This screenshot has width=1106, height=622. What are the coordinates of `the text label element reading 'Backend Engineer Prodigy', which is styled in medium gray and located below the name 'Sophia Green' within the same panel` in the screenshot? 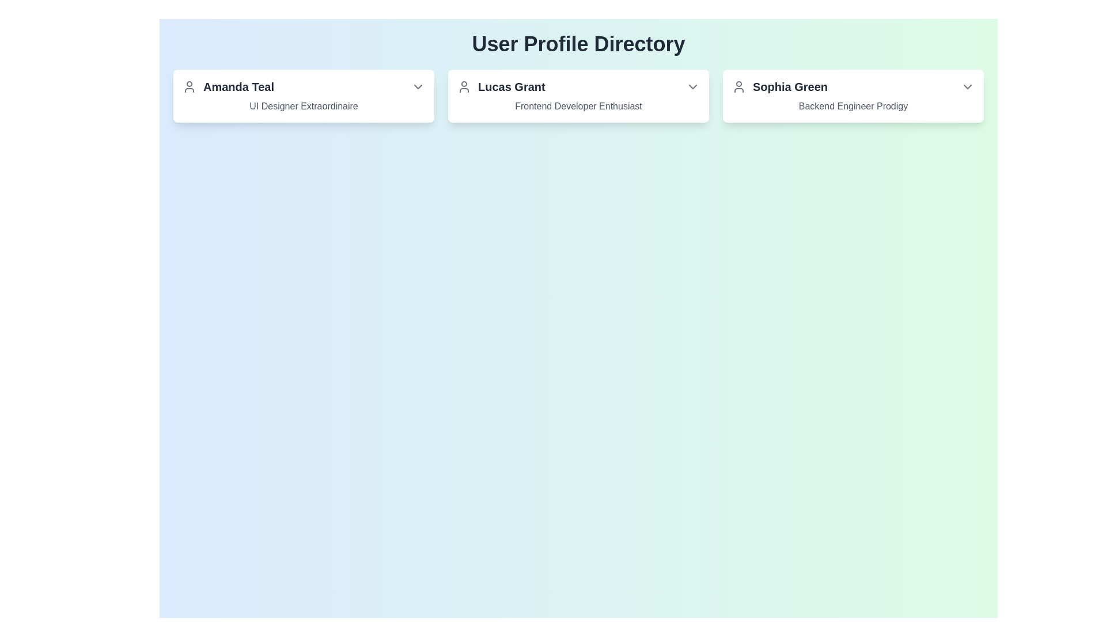 It's located at (853, 107).